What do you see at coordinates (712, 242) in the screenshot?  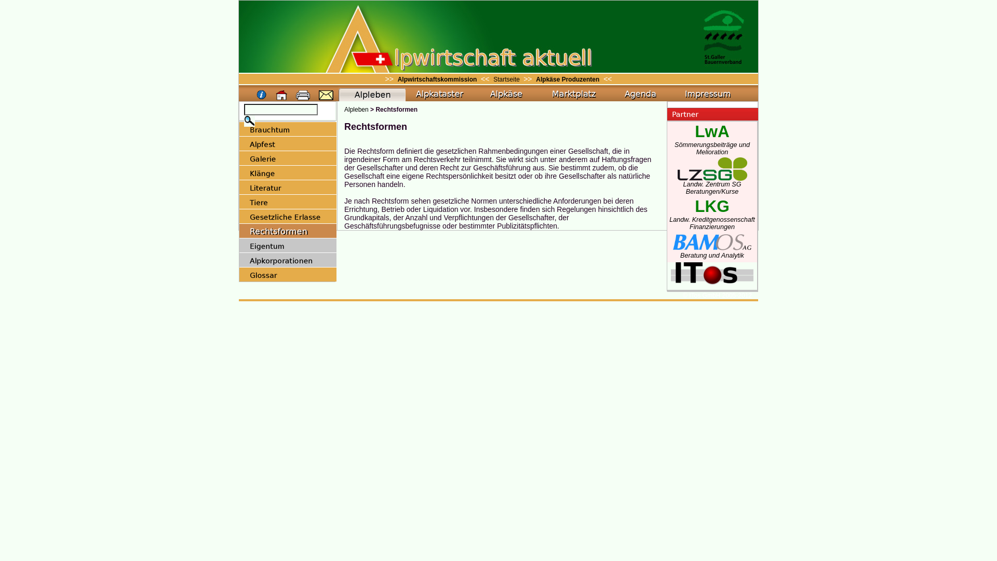 I see `'Bamos AG'` at bounding box center [712, 242].